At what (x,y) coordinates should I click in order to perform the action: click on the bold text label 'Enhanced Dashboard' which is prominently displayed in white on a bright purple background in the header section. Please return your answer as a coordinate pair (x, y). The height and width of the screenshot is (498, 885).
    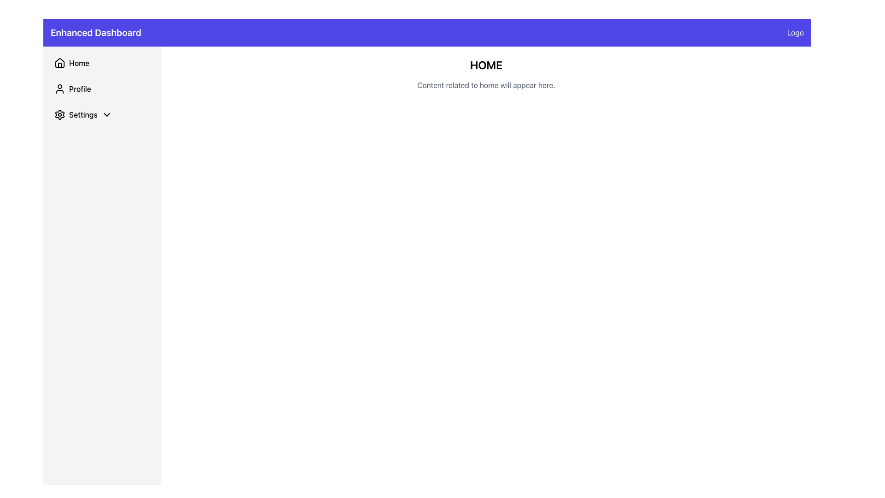
    Looking at the image, I should click on (96, 32).